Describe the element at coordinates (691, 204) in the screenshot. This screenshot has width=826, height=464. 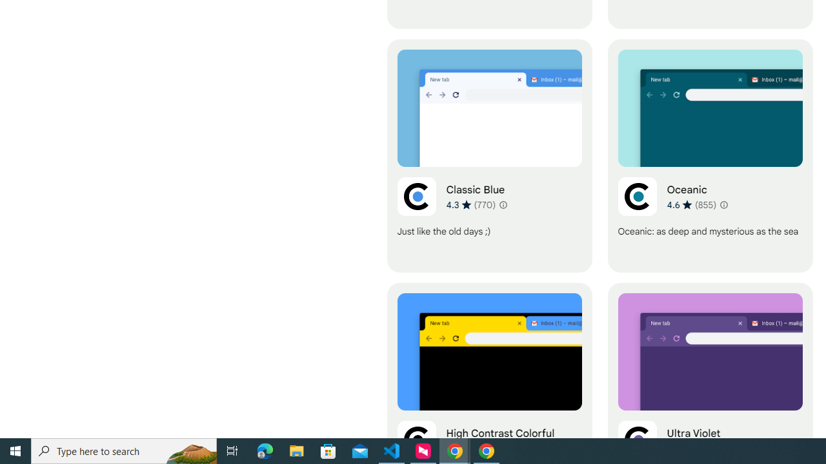
I see `'Average rating 4.6 out of 5 stars. 855 ratings.'` at that location.